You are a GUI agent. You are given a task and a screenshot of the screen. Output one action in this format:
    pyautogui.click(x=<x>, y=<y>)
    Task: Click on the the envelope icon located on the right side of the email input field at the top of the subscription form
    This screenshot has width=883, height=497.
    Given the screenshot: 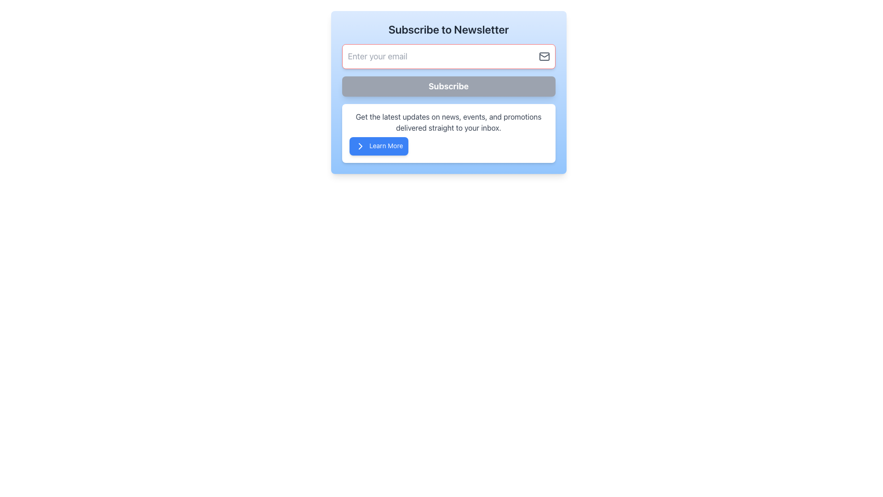 What is the action you would take?
    pyautogui.click(x=544, y=57)
    